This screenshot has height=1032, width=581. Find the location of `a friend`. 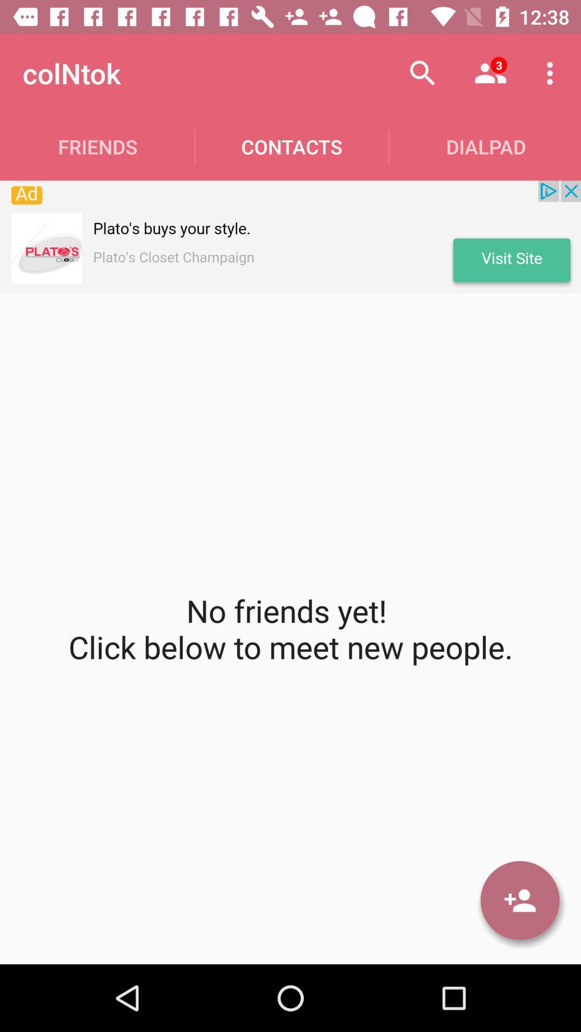

a friend is located at coordinates (519, 900).